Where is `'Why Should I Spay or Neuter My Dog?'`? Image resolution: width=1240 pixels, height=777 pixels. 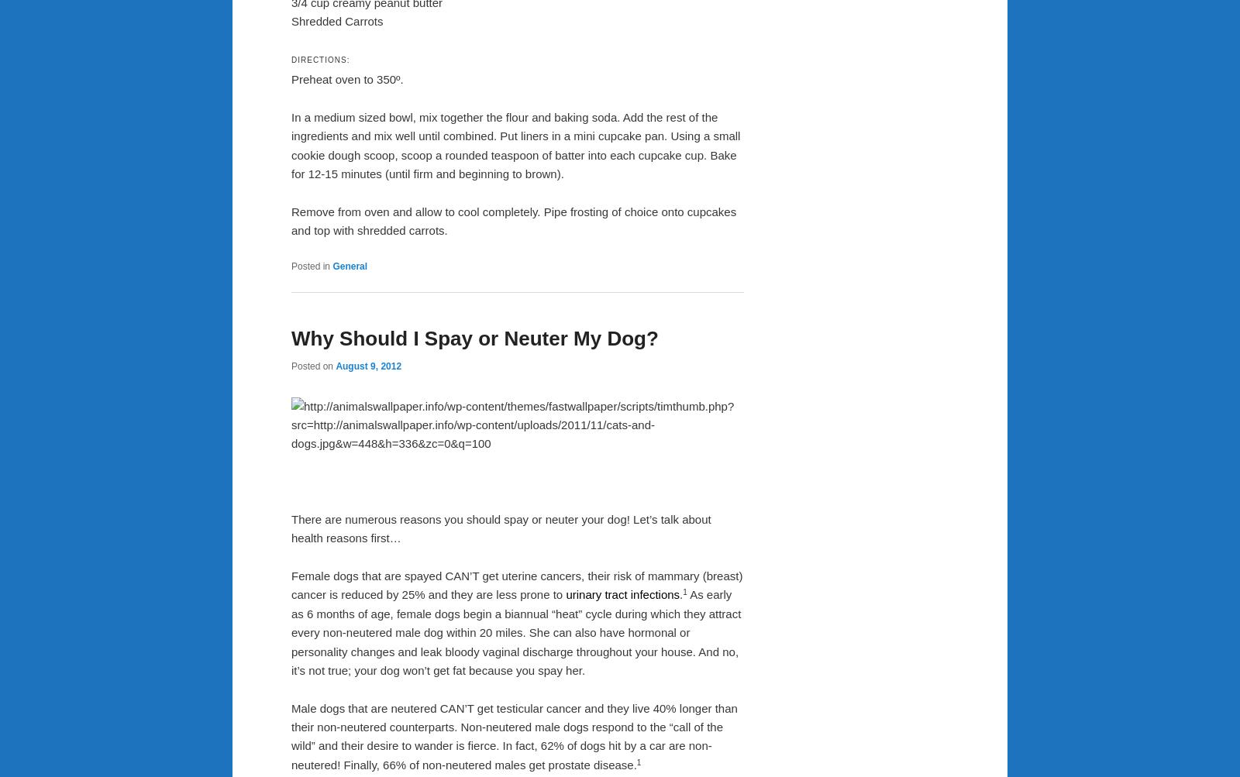 'Why Should I Spay or Neuter My Dog?' is located at coordinates (474, 338).